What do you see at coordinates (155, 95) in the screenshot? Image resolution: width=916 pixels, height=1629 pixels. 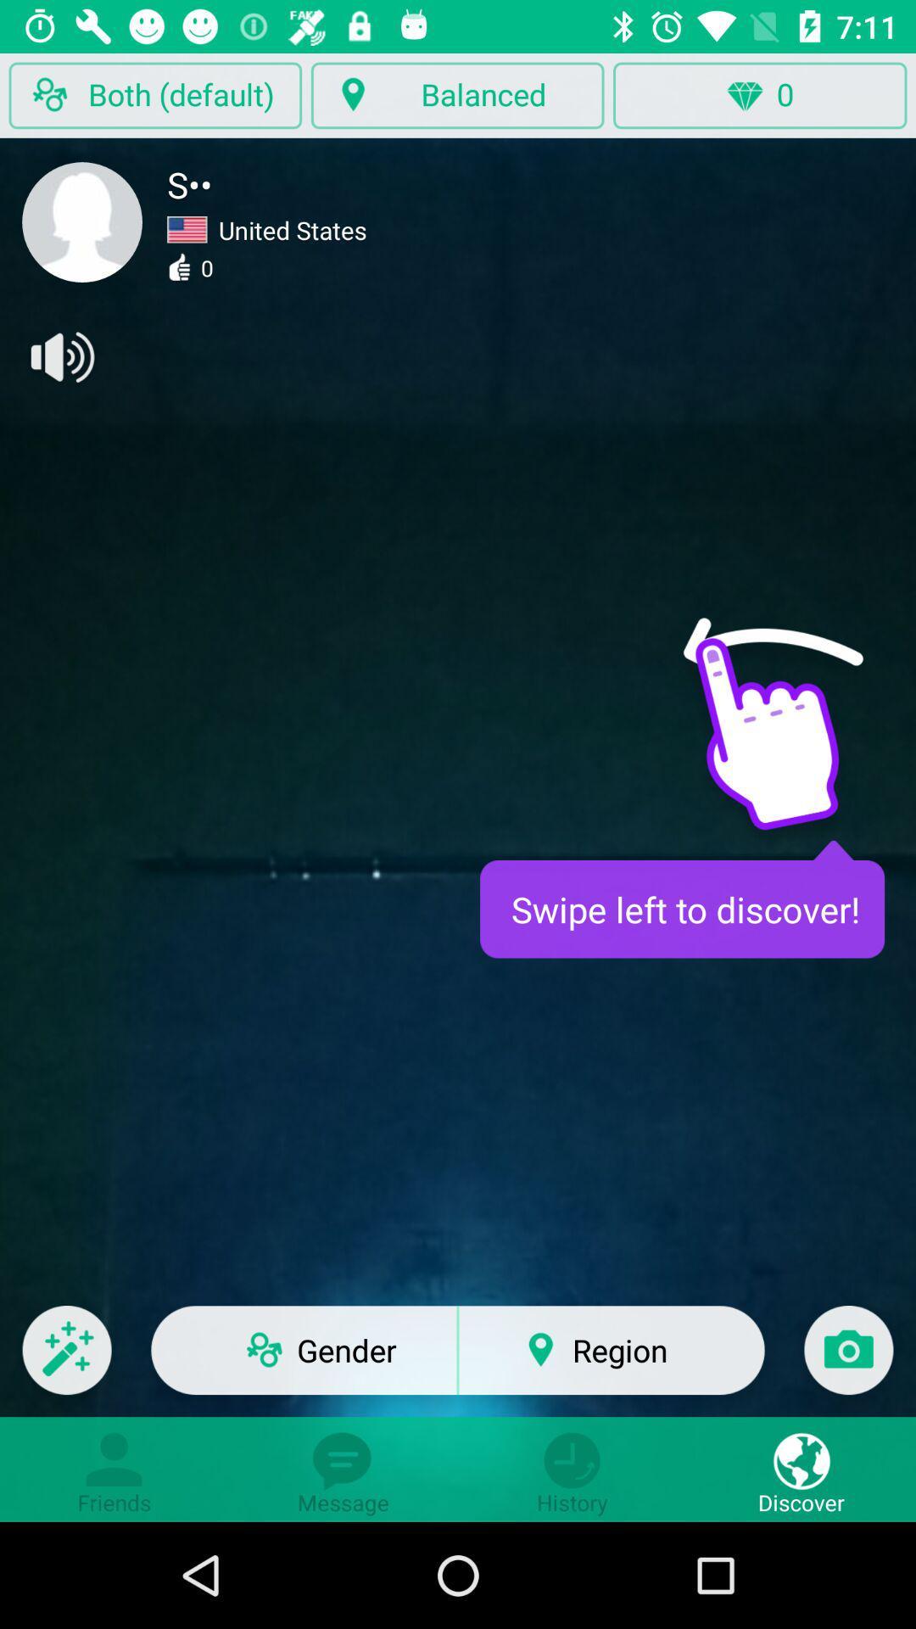 I see `the button left to balanced` at bounding box center [155, 95].